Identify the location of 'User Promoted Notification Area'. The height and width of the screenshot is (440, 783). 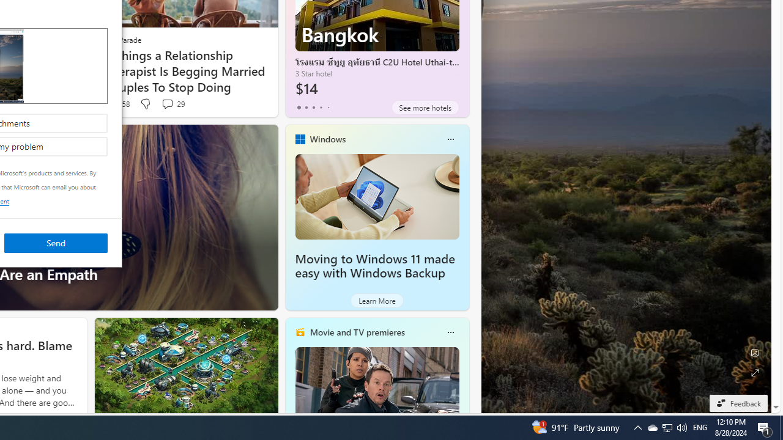
(666, 427).